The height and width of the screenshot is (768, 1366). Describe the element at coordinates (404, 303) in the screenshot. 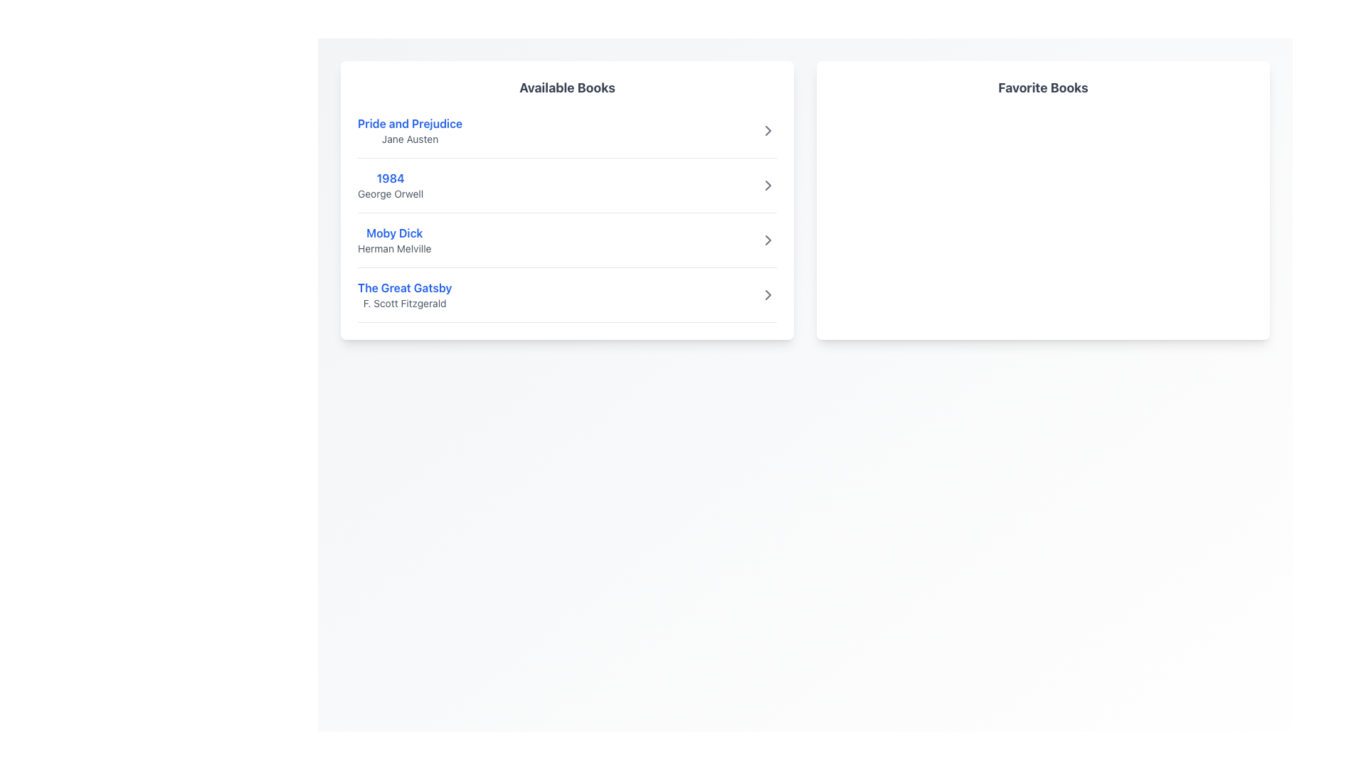

I see `text displayed as 'F. Scott Fitzgerald' which is styled in gray color and is located below 'The Great Gatsby' in the 'Available Books' section` at that location.